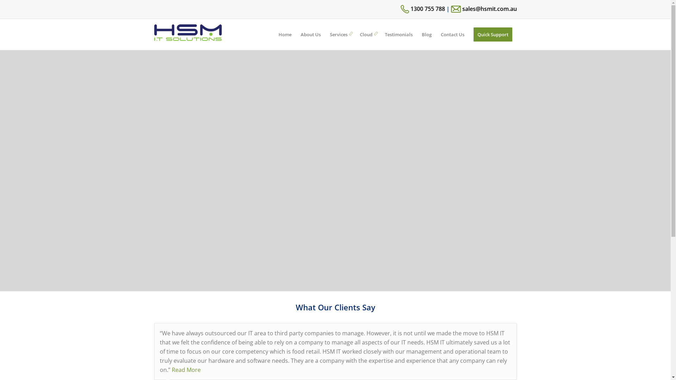 The image size is (676, 380). What do you see at coordinates (493, 34) in the screenshot?
I see `'Quick Support'` at bounding box center [493, 34].